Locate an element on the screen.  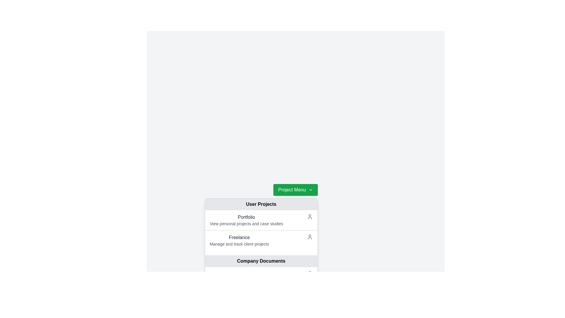
the 'Freelance' label in the 'User Projects' section of the dropdown menu is located at coordinates (239, 237).